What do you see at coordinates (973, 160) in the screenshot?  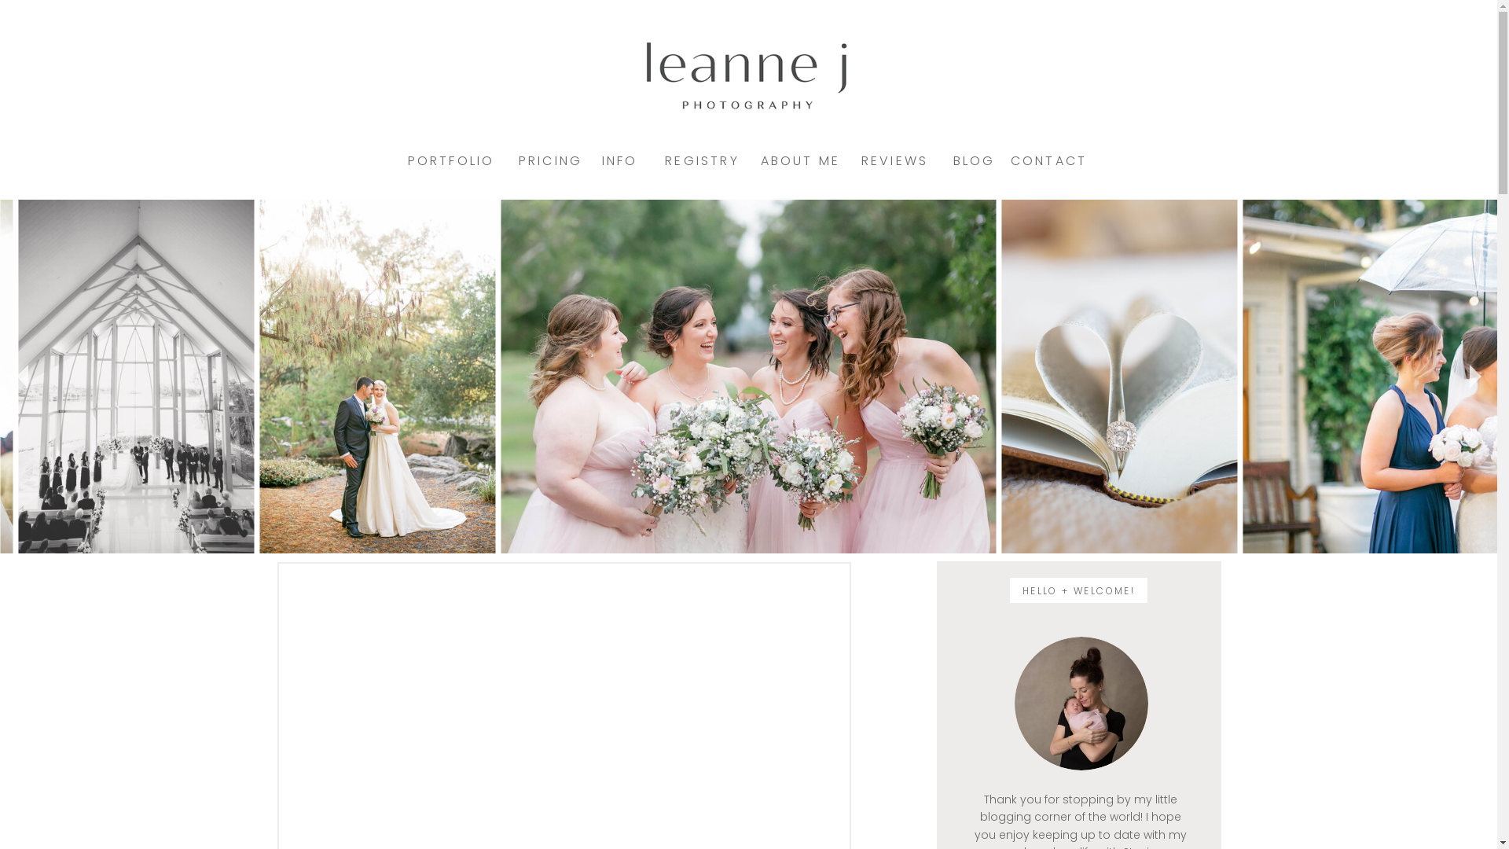 I see `'BLOG'` at bounding box center [973, 160].